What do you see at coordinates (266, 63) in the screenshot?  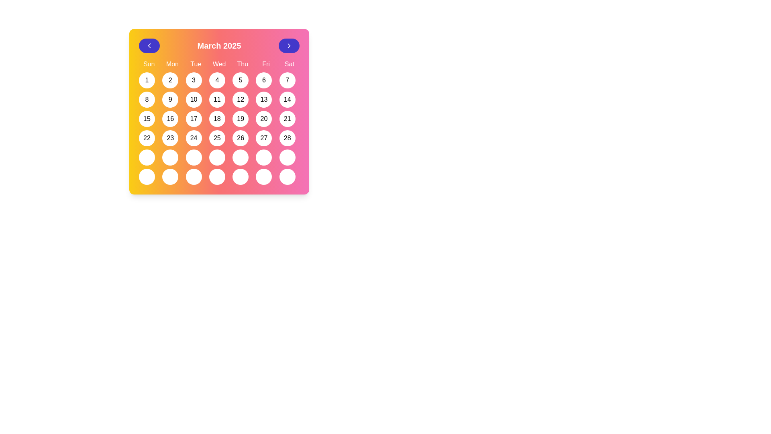 I see `the label displaying 'Fri', which is styled in white on a pink background and is the sixth item in the weekday header row` at bounding box center [266, 63].